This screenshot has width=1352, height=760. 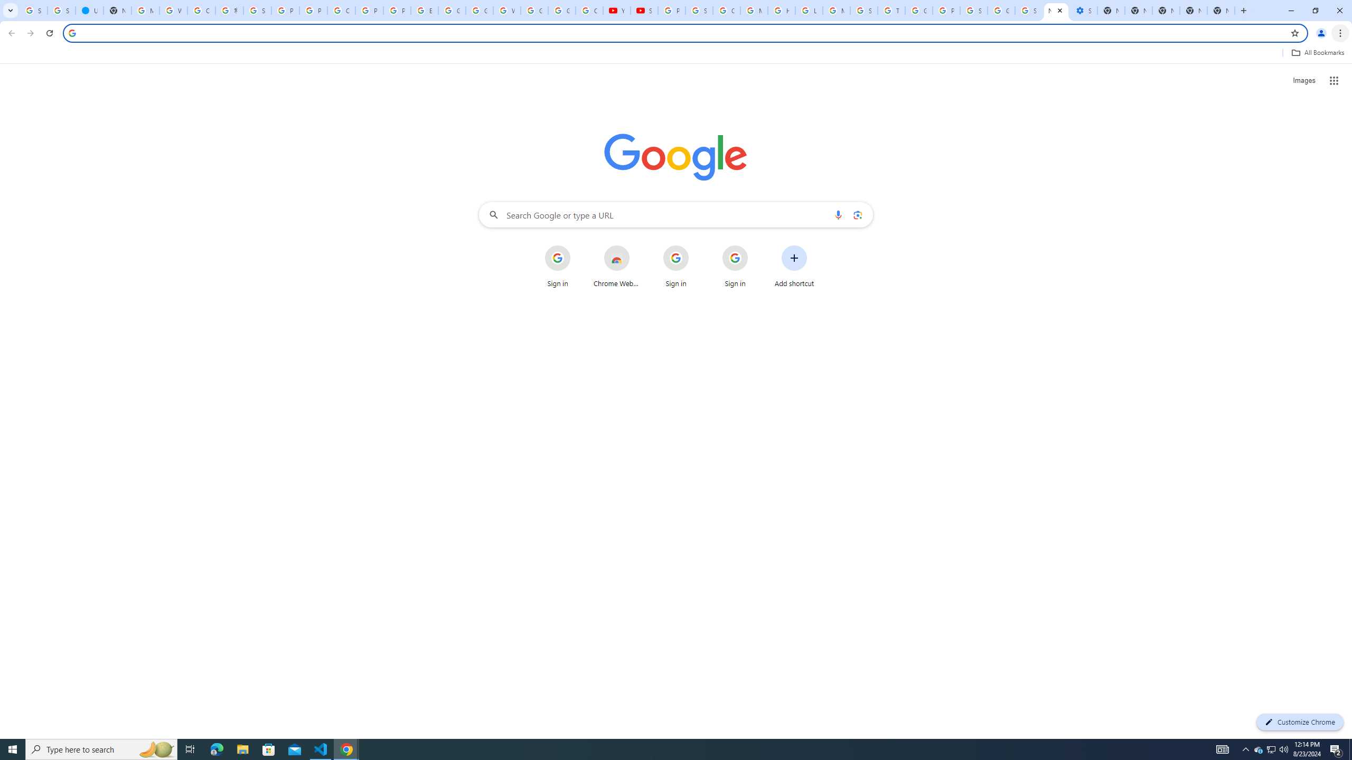 What do you see at coordinates (616, 10) in the screenshot?
I see `'YouTube'` at bounding box center [616, 10].